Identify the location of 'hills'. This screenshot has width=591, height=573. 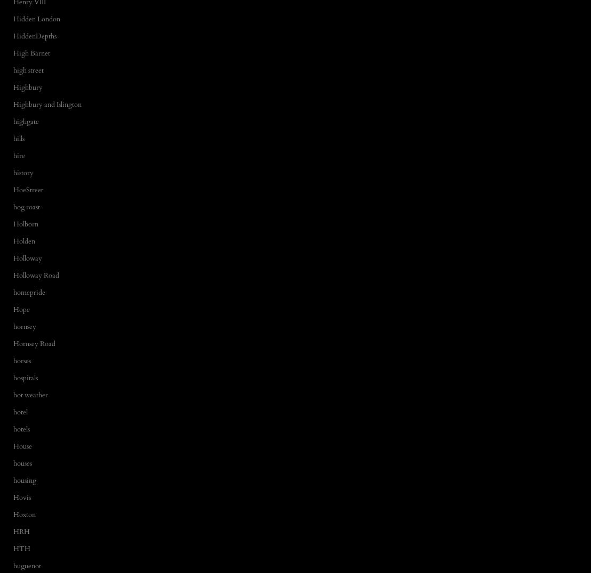
(19, 138).